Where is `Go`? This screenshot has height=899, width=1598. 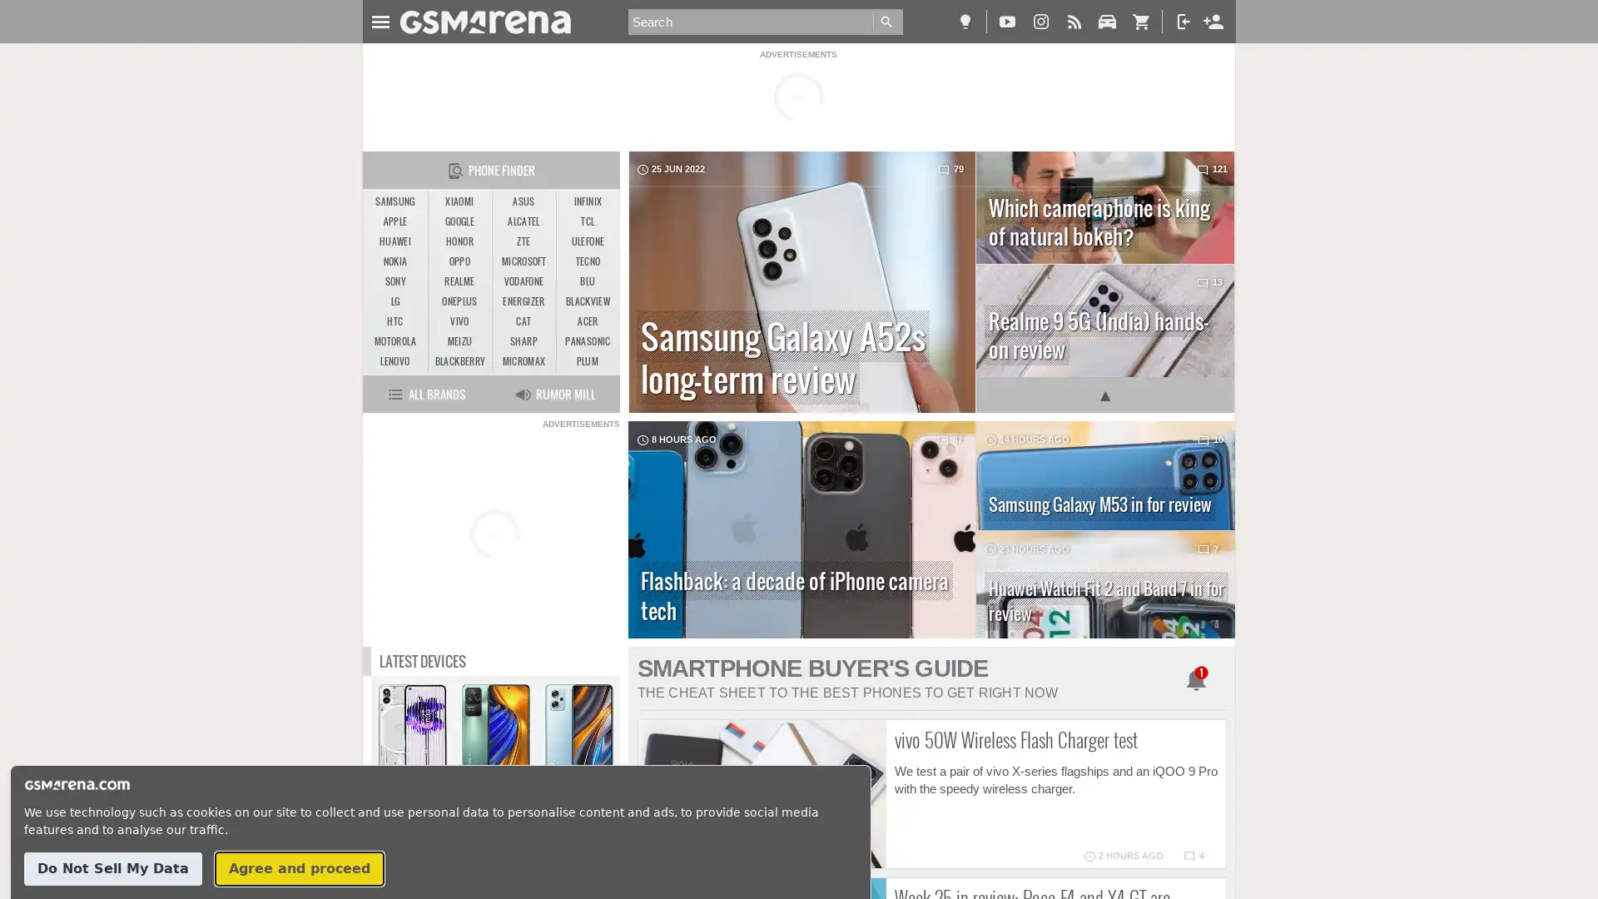 Go is located at coordinates (886, 22).